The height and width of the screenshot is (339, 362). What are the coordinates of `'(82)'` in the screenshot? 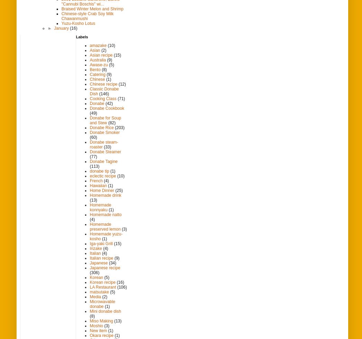 It's located at (112, 123).